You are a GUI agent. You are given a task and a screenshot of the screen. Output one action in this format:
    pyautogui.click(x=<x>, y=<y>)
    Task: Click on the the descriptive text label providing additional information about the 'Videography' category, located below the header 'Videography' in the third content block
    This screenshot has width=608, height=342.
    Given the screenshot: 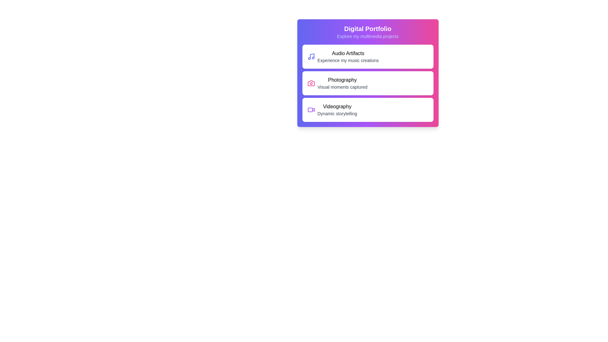 What is the action you would take?
    pyautogui.click(x=337, y=113)
    